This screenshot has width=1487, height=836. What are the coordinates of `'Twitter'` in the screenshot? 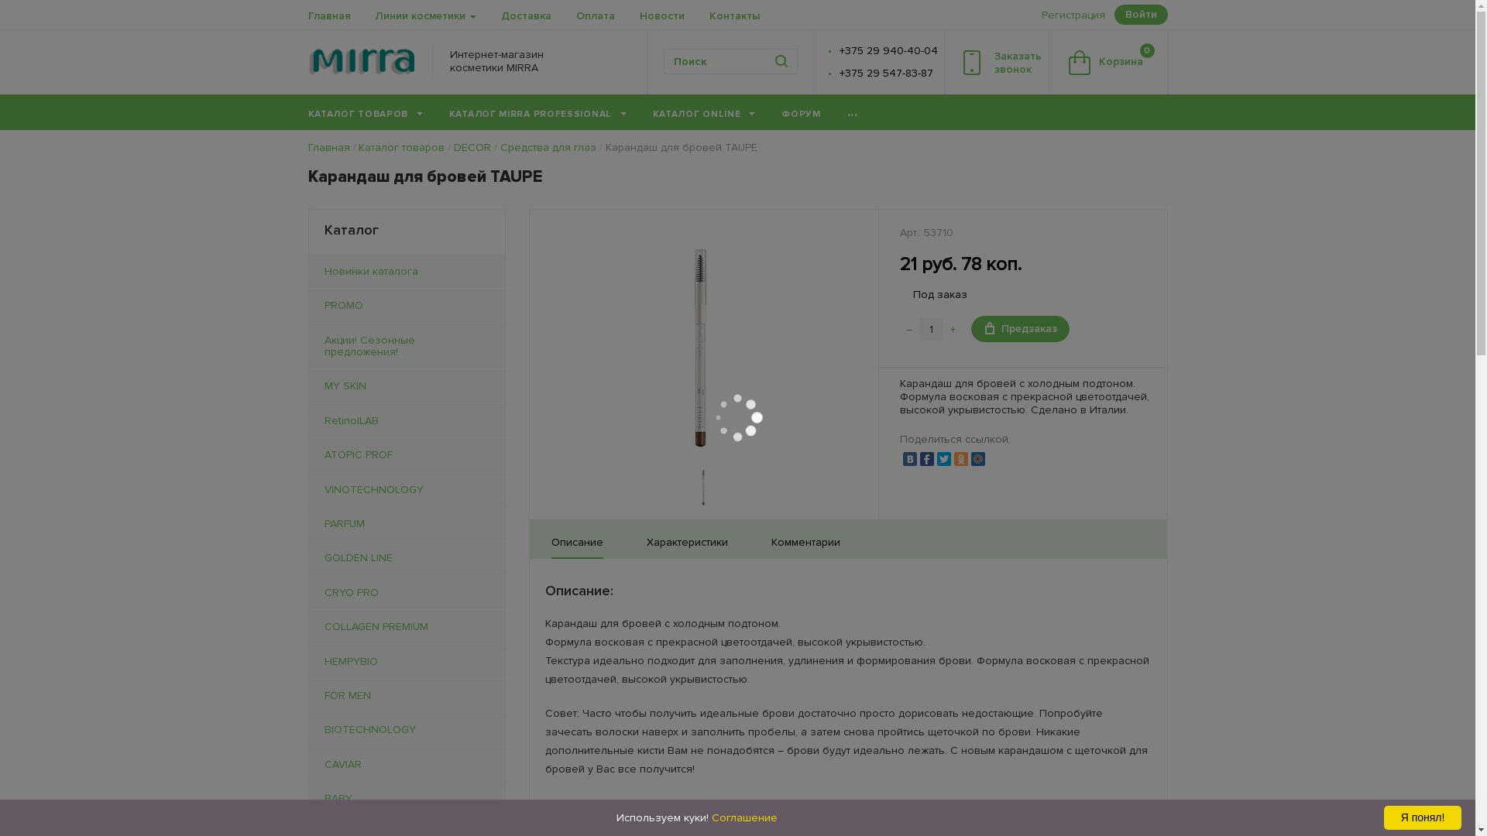 It's located at (943, 458).